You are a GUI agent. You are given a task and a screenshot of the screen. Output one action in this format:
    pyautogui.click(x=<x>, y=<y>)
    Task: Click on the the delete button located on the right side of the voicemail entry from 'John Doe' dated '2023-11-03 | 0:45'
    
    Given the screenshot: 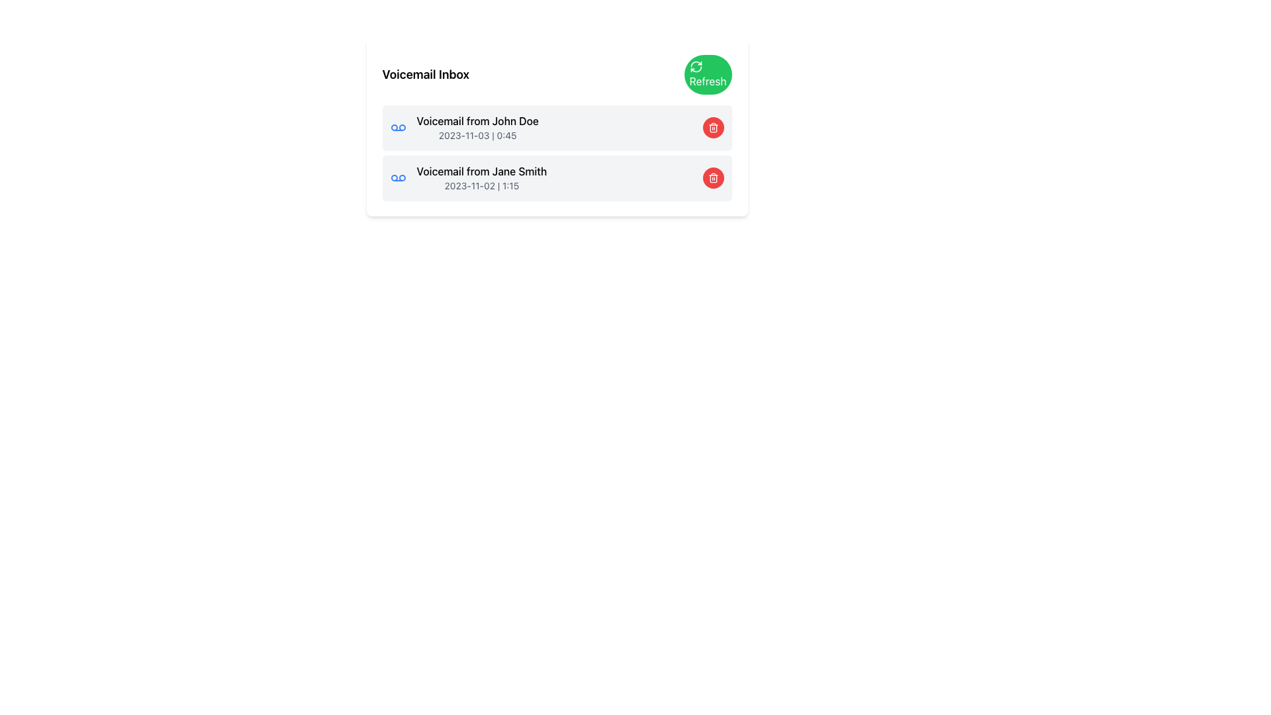 What is the action you would take?
    pyautogui.click(x=712, y=127)
    